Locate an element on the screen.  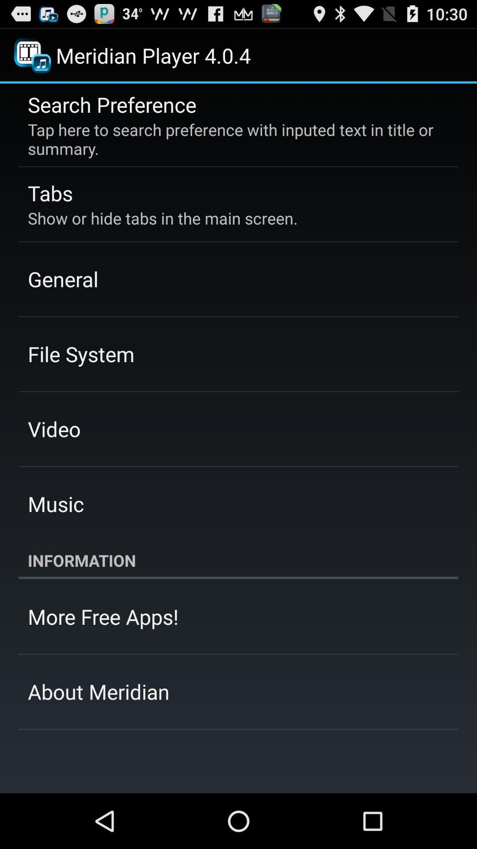
file system icon is located at coordinates (81, 354).